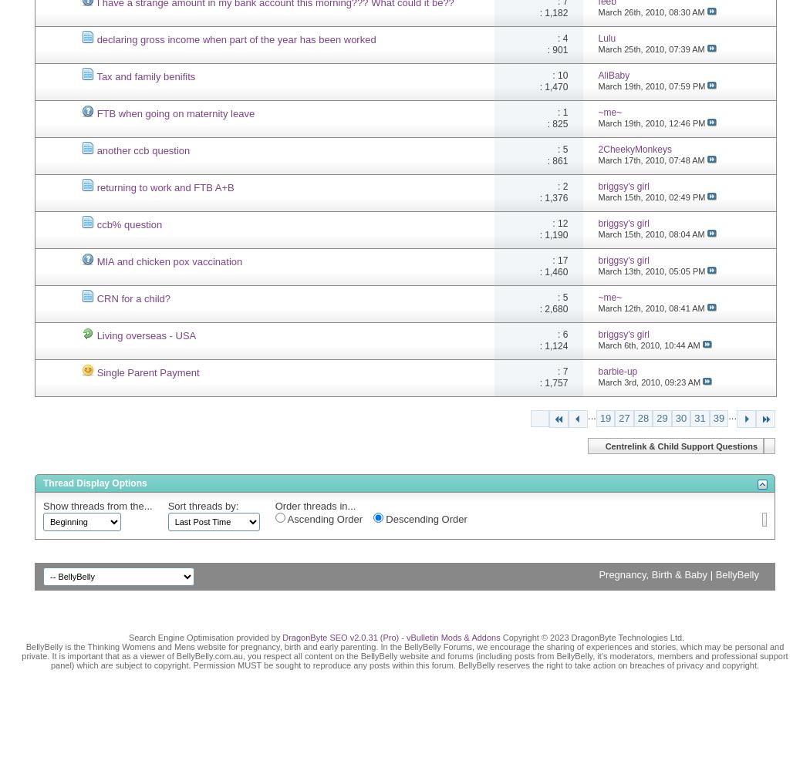  Describe the element at coordinates (452, 636) in the screenshot. I see `'vBulletin Mods & Addons'` at that location.